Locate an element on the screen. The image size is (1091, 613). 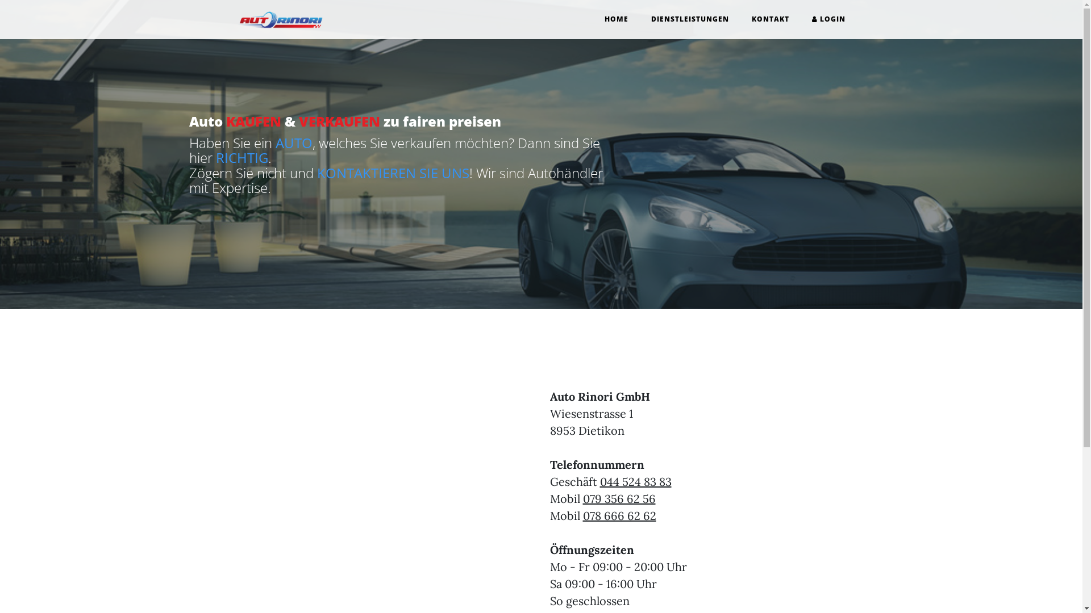
'044 524 83 83' is located at coordinates (599, 481).